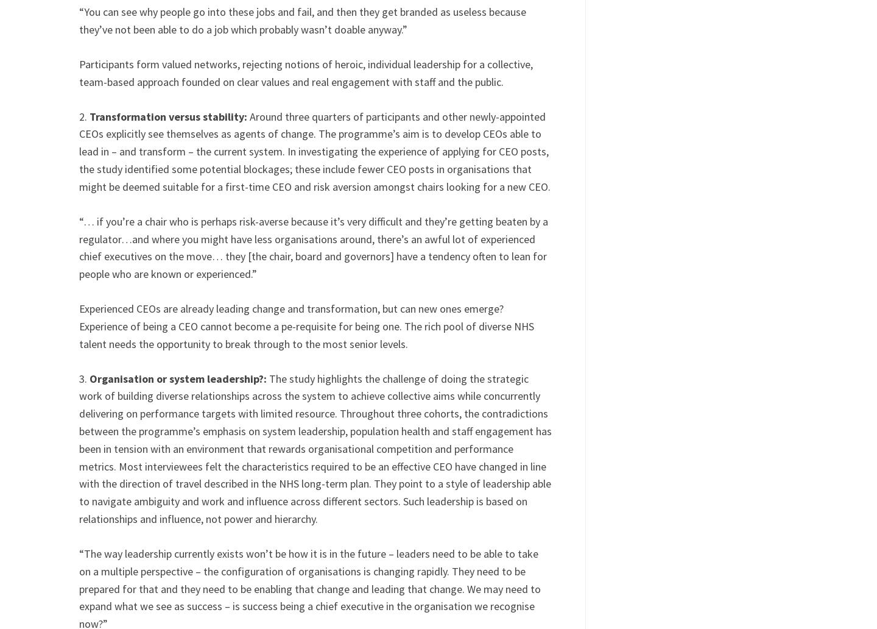 The height and width of the screenshot is (629, 877). I want to click on 'Participants form valued networks, rejecting notions of heroic, individual leadership for a collective, team-based approach founded on clear values and real engagement with staff and the public.', so click(305, 72).